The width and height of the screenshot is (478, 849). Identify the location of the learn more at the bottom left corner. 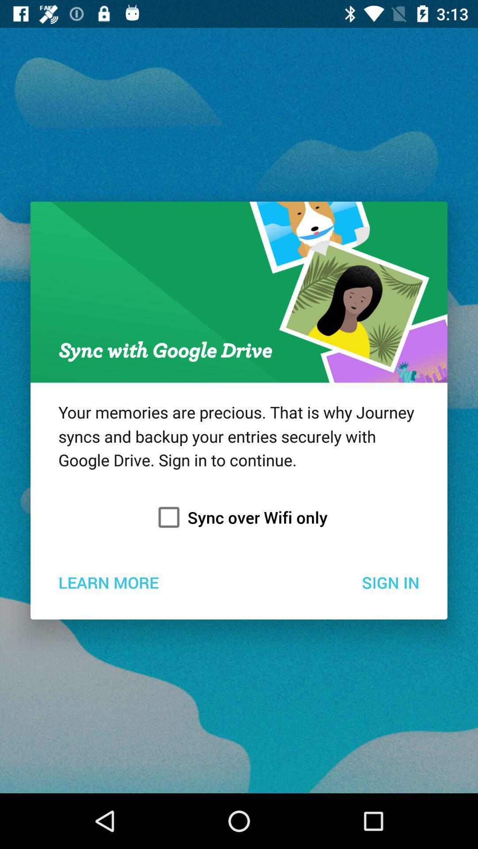
(108, 582).